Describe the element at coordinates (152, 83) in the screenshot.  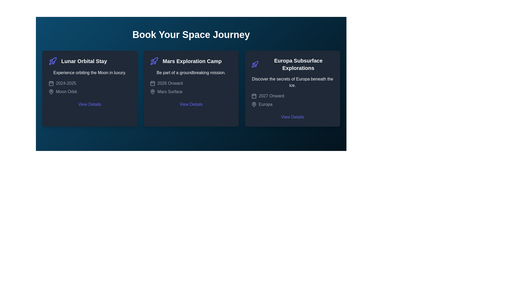
I see `the date/time icon representing '2026 Onward', which is located in the second card titled 'Mars Exploration Camp', positioned to the left of the '2026 Onward' text` at that location.